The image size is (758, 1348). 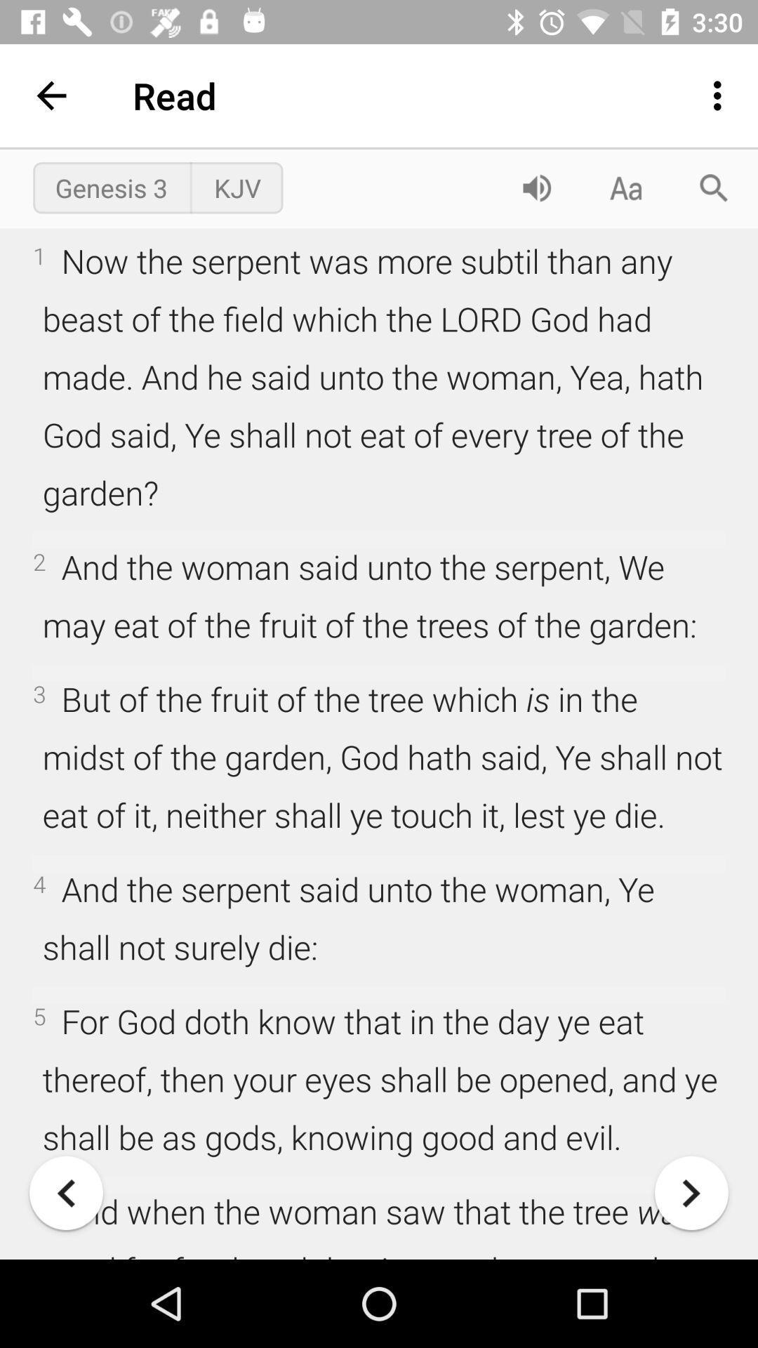 I want to click on the icon next to kjv, so click(x=536, y=187).